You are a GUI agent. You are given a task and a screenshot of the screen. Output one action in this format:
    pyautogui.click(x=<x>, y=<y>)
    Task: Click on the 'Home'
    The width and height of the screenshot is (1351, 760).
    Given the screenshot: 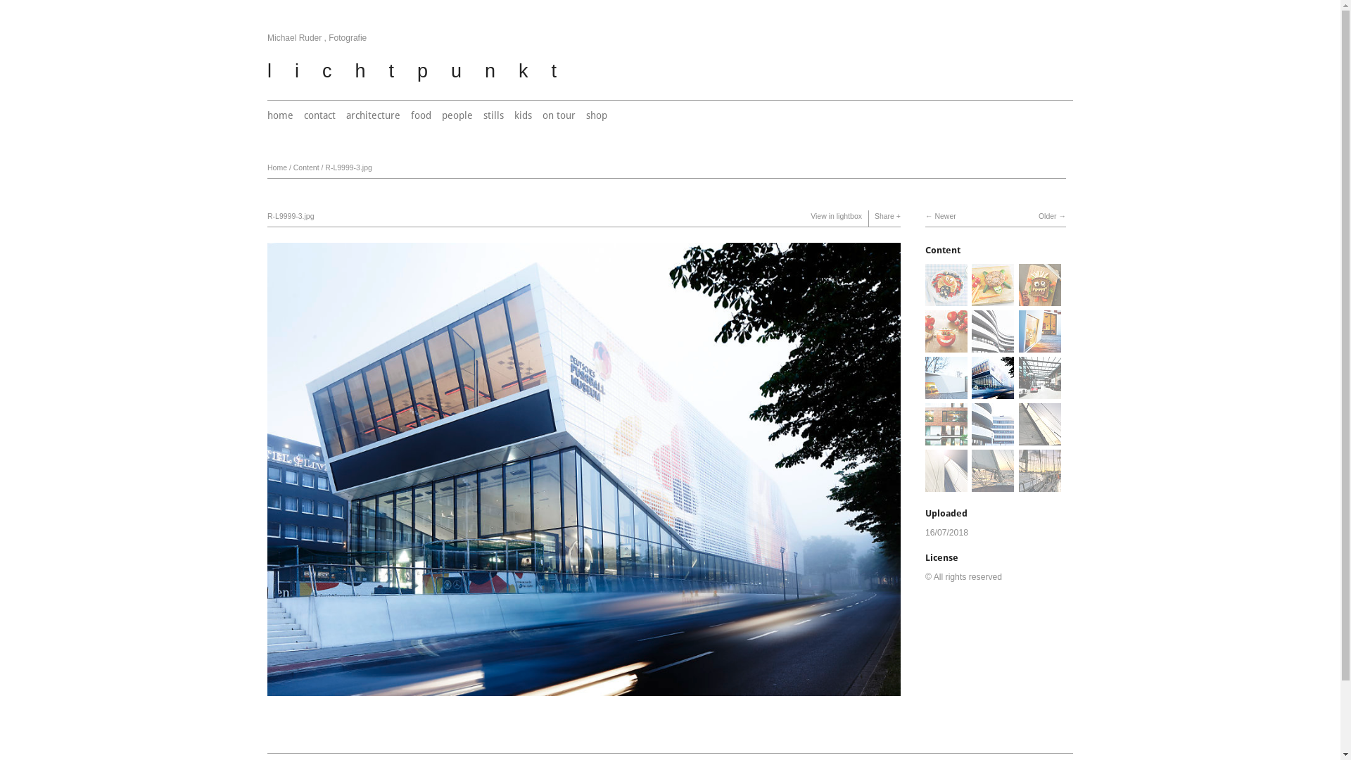 What is the action you would take?
    pyautogui.click(x=277, y=167)
    